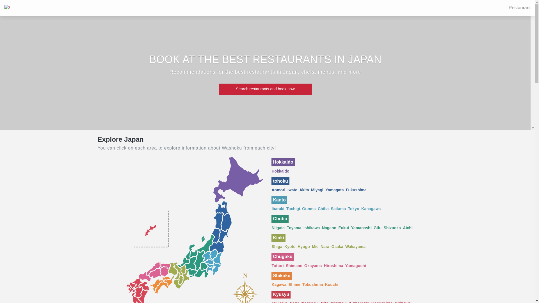  Describe the element at coordinates (278, 190) in the screenshot. I see `'Aomori'` at that location.